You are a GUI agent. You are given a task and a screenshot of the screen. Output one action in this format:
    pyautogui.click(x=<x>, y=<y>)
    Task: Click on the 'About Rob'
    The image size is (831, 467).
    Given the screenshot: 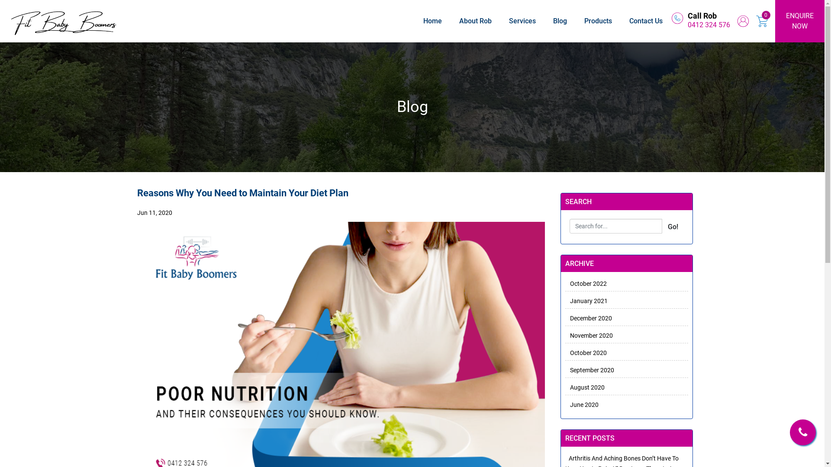 What is the action you would take?
    pyautogui.click(x=458, y=20)
    